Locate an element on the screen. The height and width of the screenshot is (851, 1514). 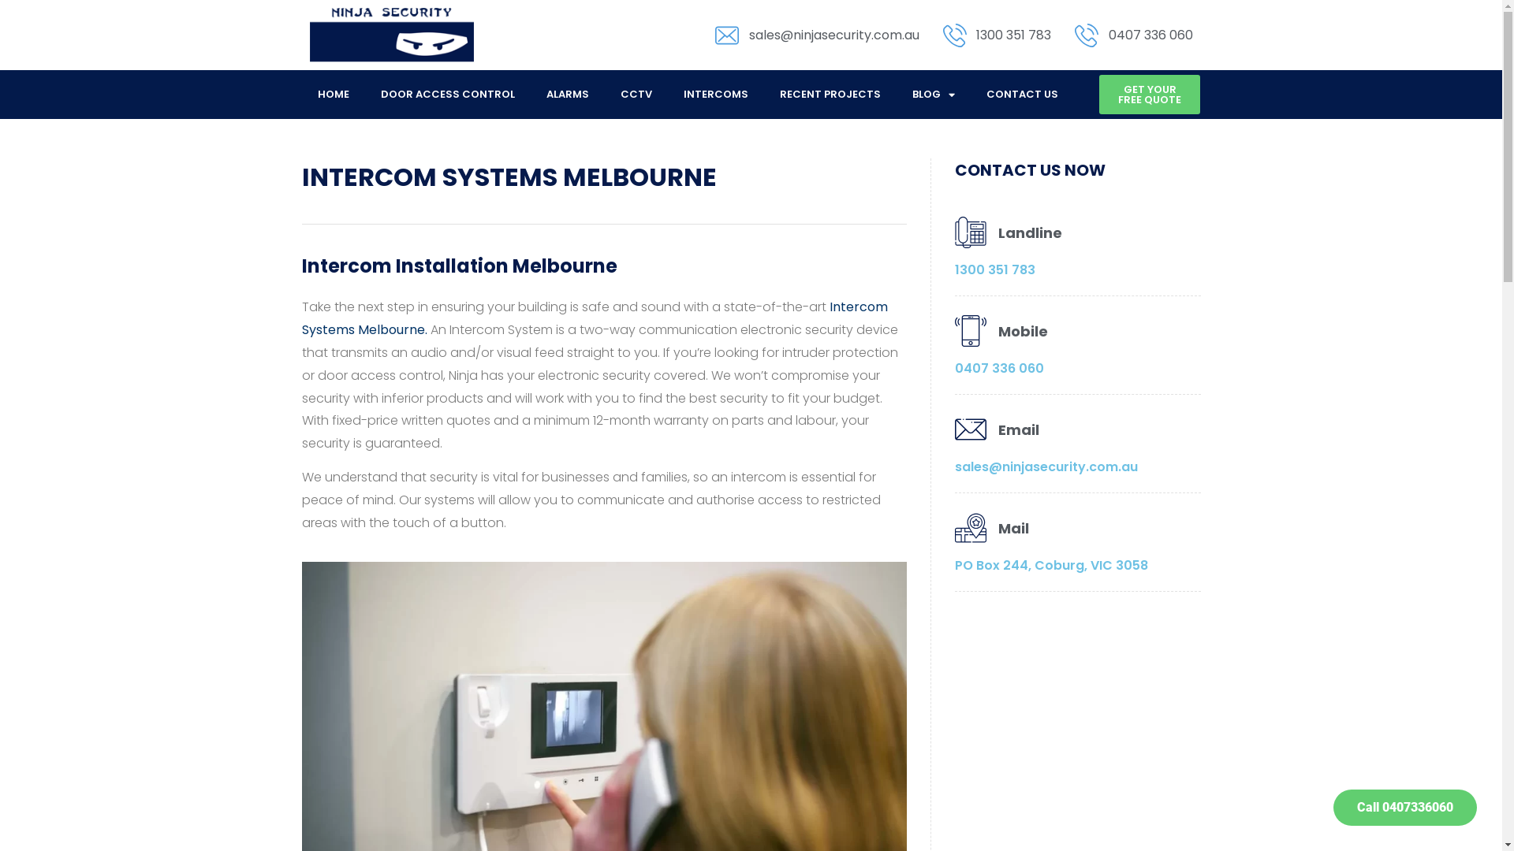
'RECENT PROJECTS' is located at coordinates (828, 94).